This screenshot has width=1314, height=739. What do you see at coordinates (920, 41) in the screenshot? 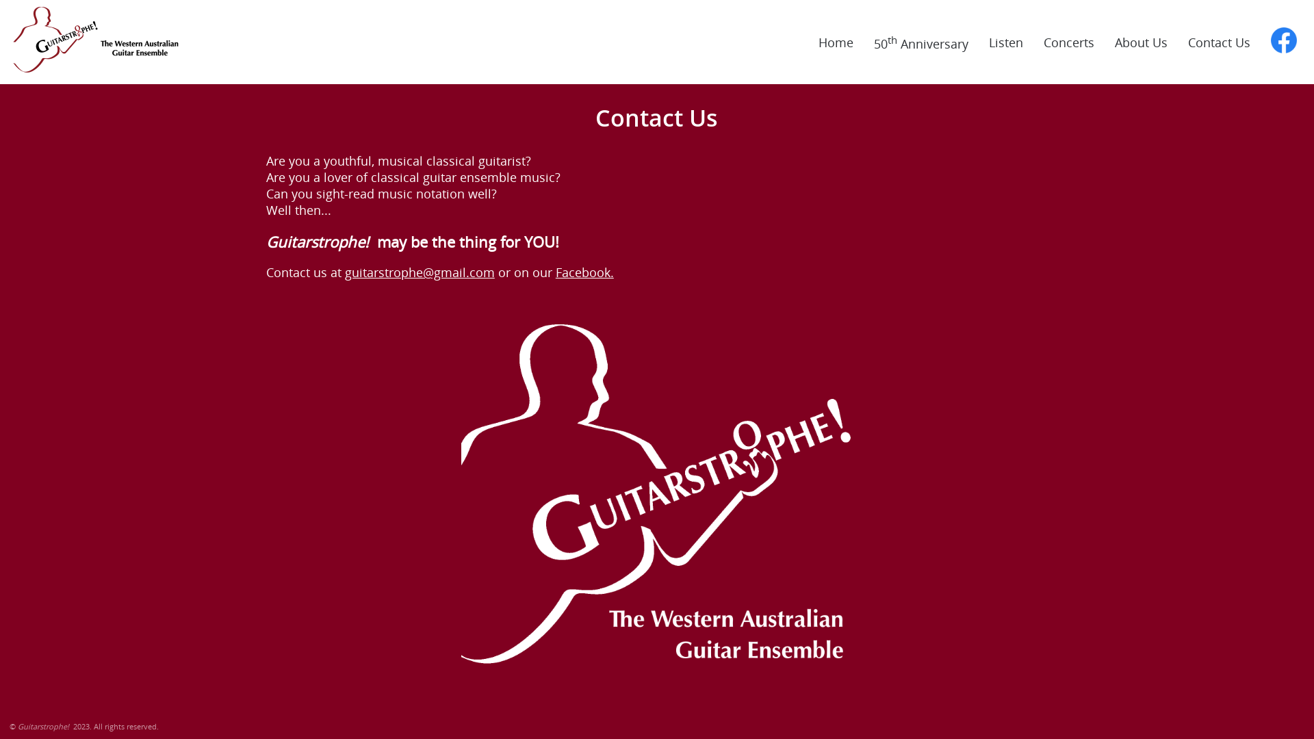
I see `'50th Anniversary'` at bounding box center [920, 41].